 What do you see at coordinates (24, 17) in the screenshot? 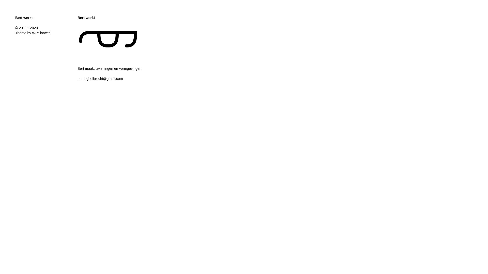
I see `'Bert werkt'` at bounding box center [24, 17].